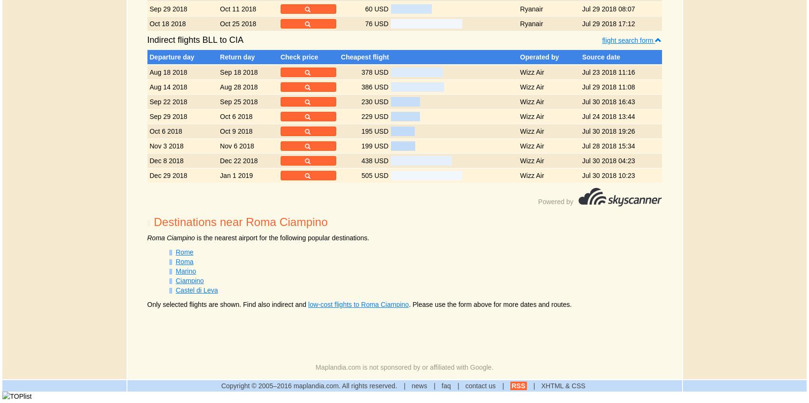  I want to click on 'Aug 14 2018', so click(149, 87).